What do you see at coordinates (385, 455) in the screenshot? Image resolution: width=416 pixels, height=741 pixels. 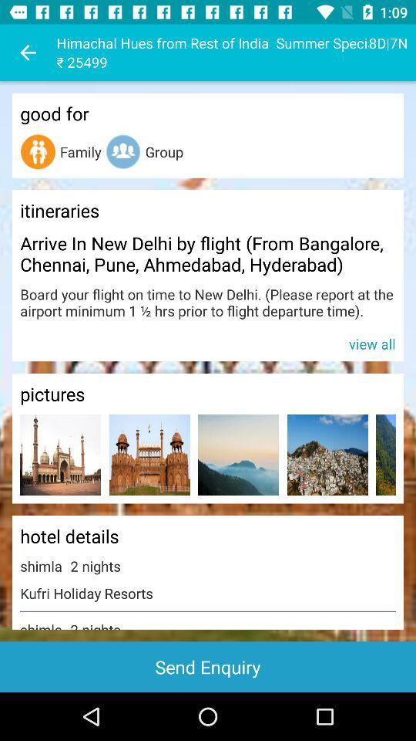 I see `item above hotel details icon` at bounding box center [385, 455].